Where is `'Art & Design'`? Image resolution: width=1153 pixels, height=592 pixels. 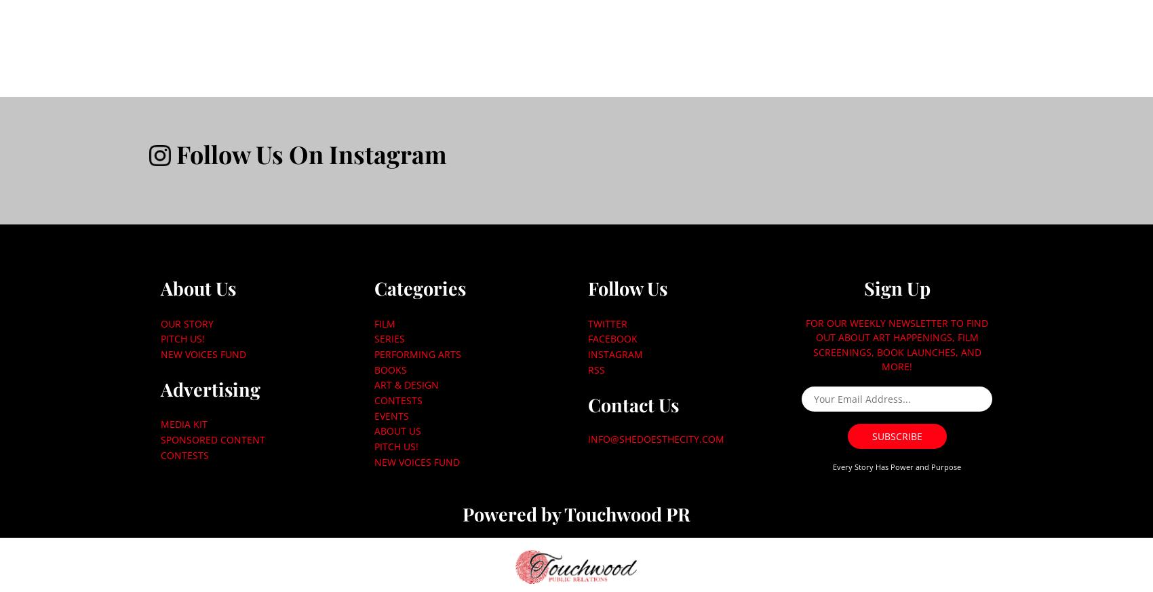 'Art & Design' is located at coordinates (405, 384).